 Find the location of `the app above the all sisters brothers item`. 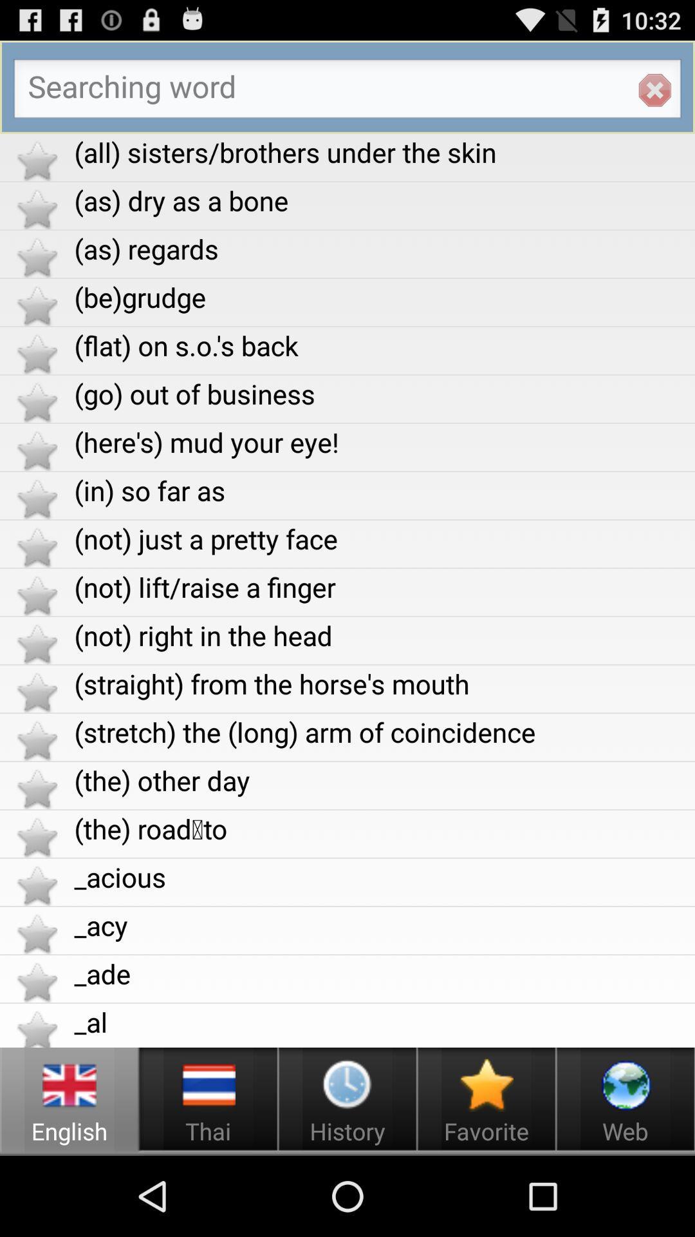

the app above the all sisters brothers item is located at coordinates (654, 90).